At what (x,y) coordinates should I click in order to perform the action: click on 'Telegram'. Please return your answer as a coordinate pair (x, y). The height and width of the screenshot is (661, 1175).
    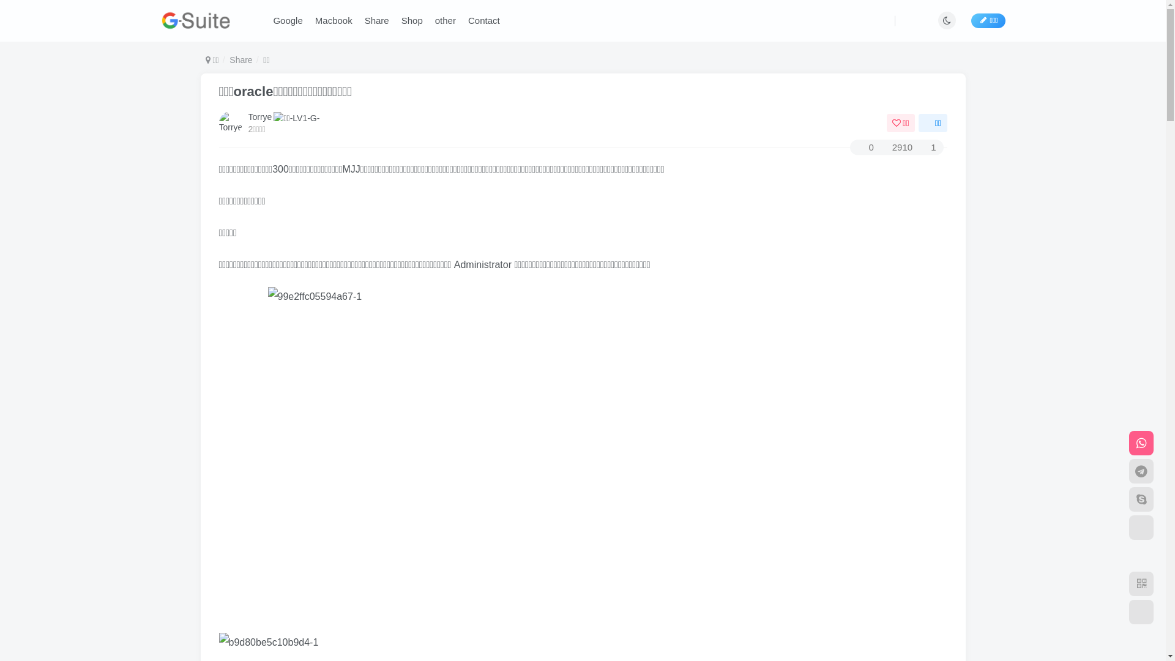
    Looking at the image, I should click on (1141, 471).